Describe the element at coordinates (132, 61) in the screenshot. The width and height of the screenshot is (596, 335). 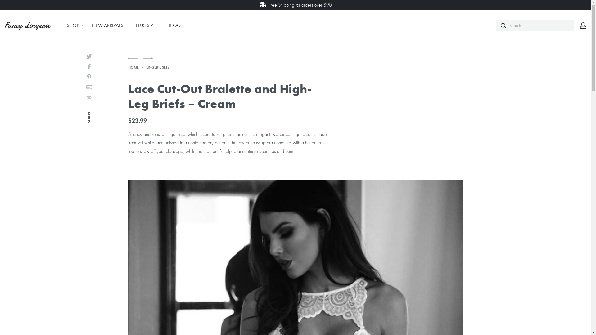
I see `'Red High-waisted Panties with Corset-style Lacing'` at that location.